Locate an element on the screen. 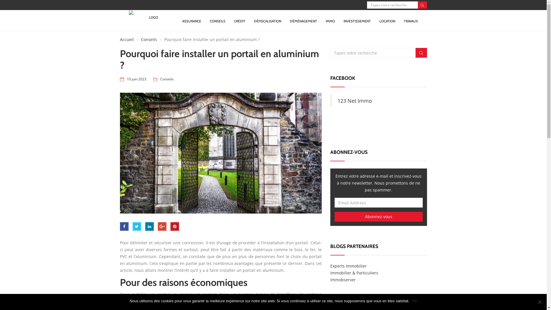 The height and width of the screenshot is (310, 551). 'Login' is located at coordinates (276, 162).